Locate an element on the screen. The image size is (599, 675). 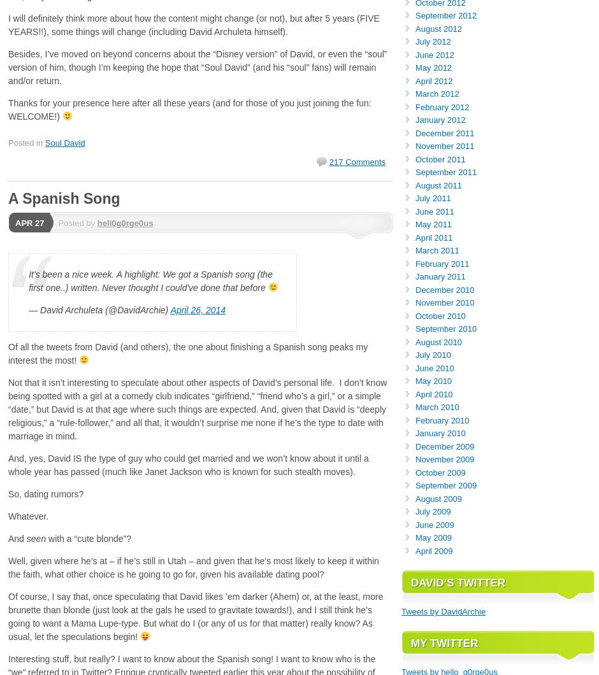
'August 2009' is located at coordinates (438, 497).